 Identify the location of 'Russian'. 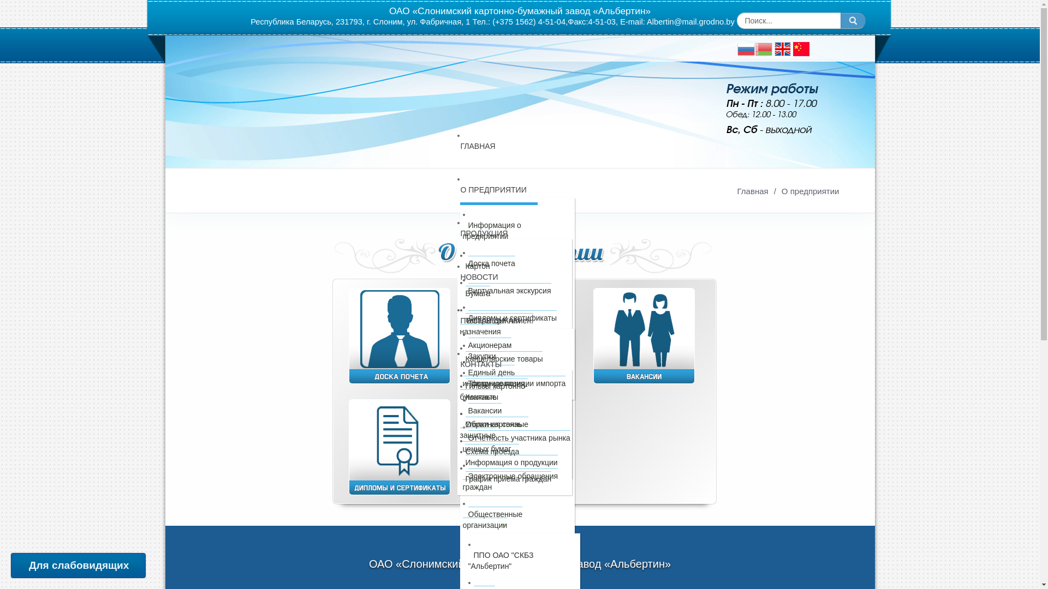
(736, 47).